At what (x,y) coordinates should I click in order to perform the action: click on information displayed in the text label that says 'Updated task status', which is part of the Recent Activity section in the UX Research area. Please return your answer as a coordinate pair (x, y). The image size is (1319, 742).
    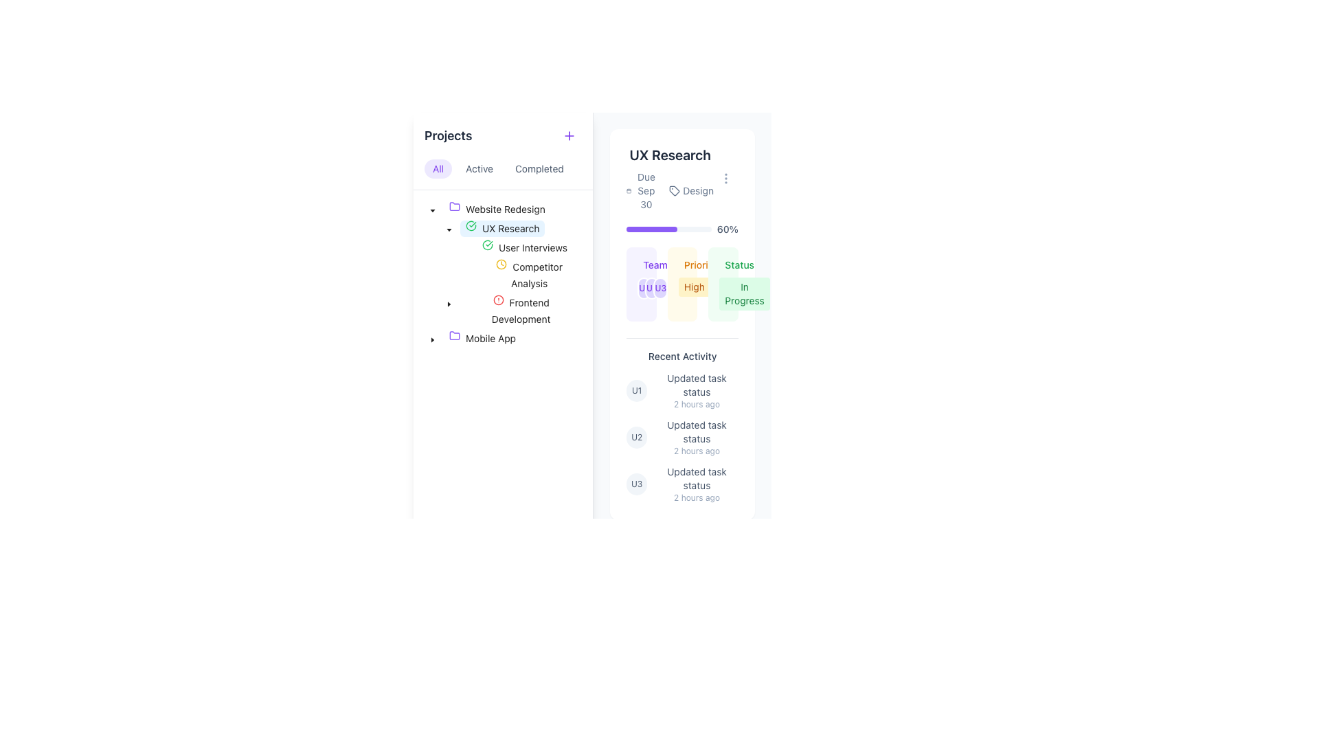
    Looking at the image, I should click on (697, 431).